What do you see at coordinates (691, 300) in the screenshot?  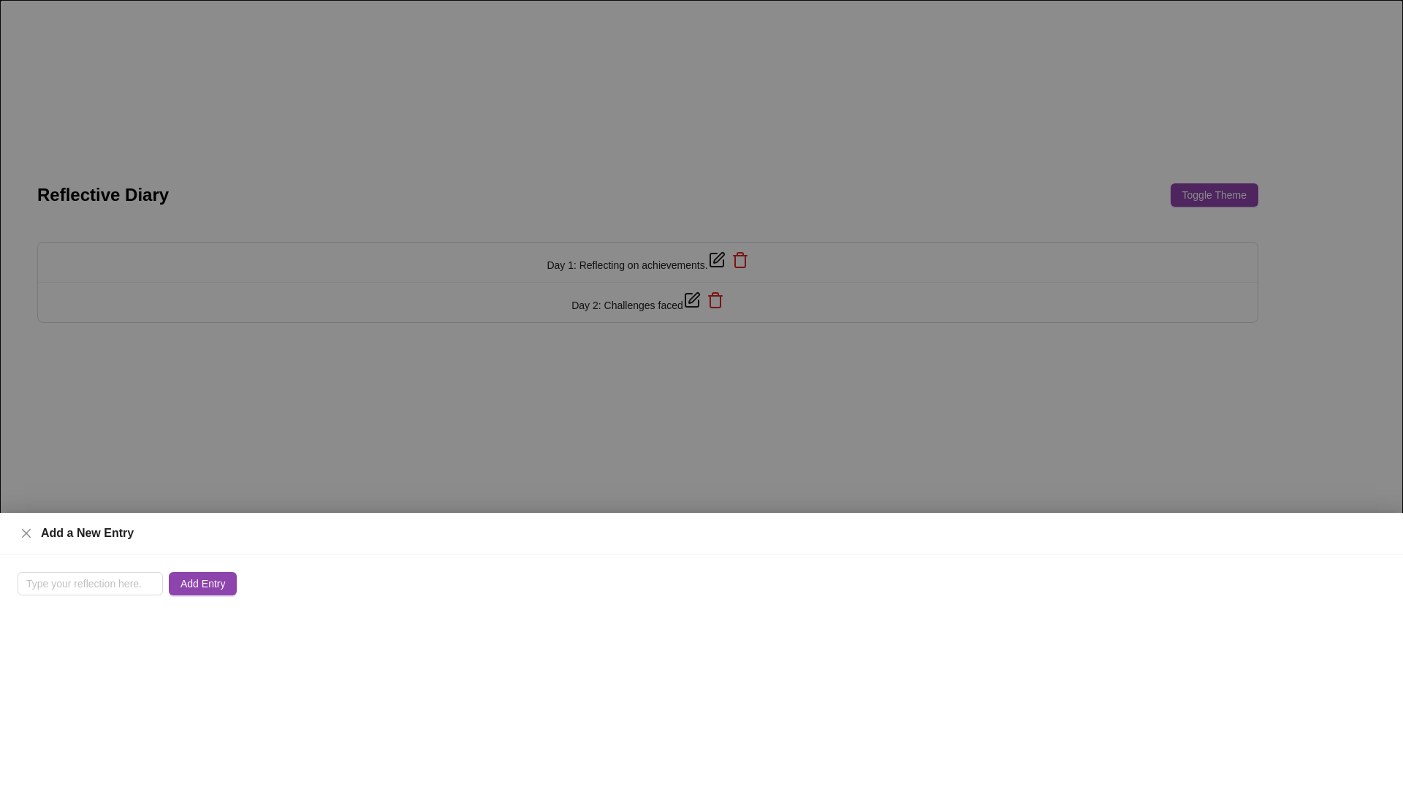 I see `the edit button located in the second horizontal row, adjacent to the label 'Day 2: Challenges faced'` at bounding box center [691, 300].